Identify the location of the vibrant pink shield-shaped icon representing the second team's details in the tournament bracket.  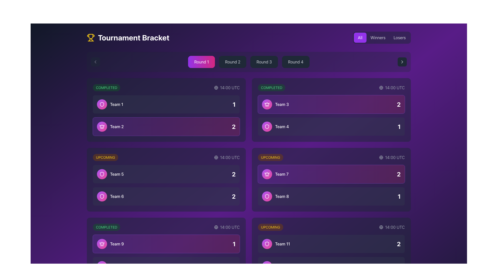
(267, 196).